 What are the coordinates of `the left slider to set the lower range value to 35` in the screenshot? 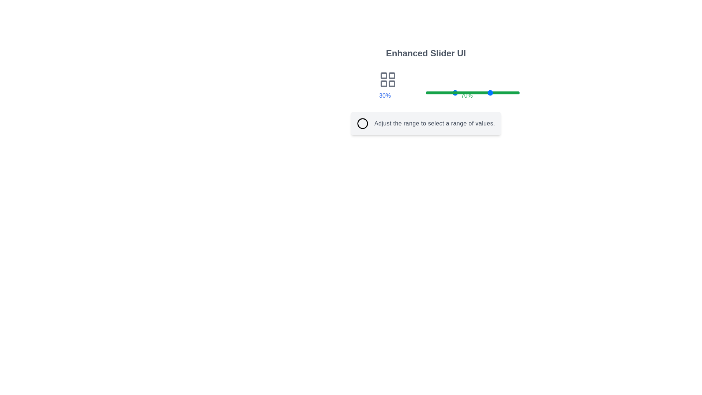 It's located at (458, 93).